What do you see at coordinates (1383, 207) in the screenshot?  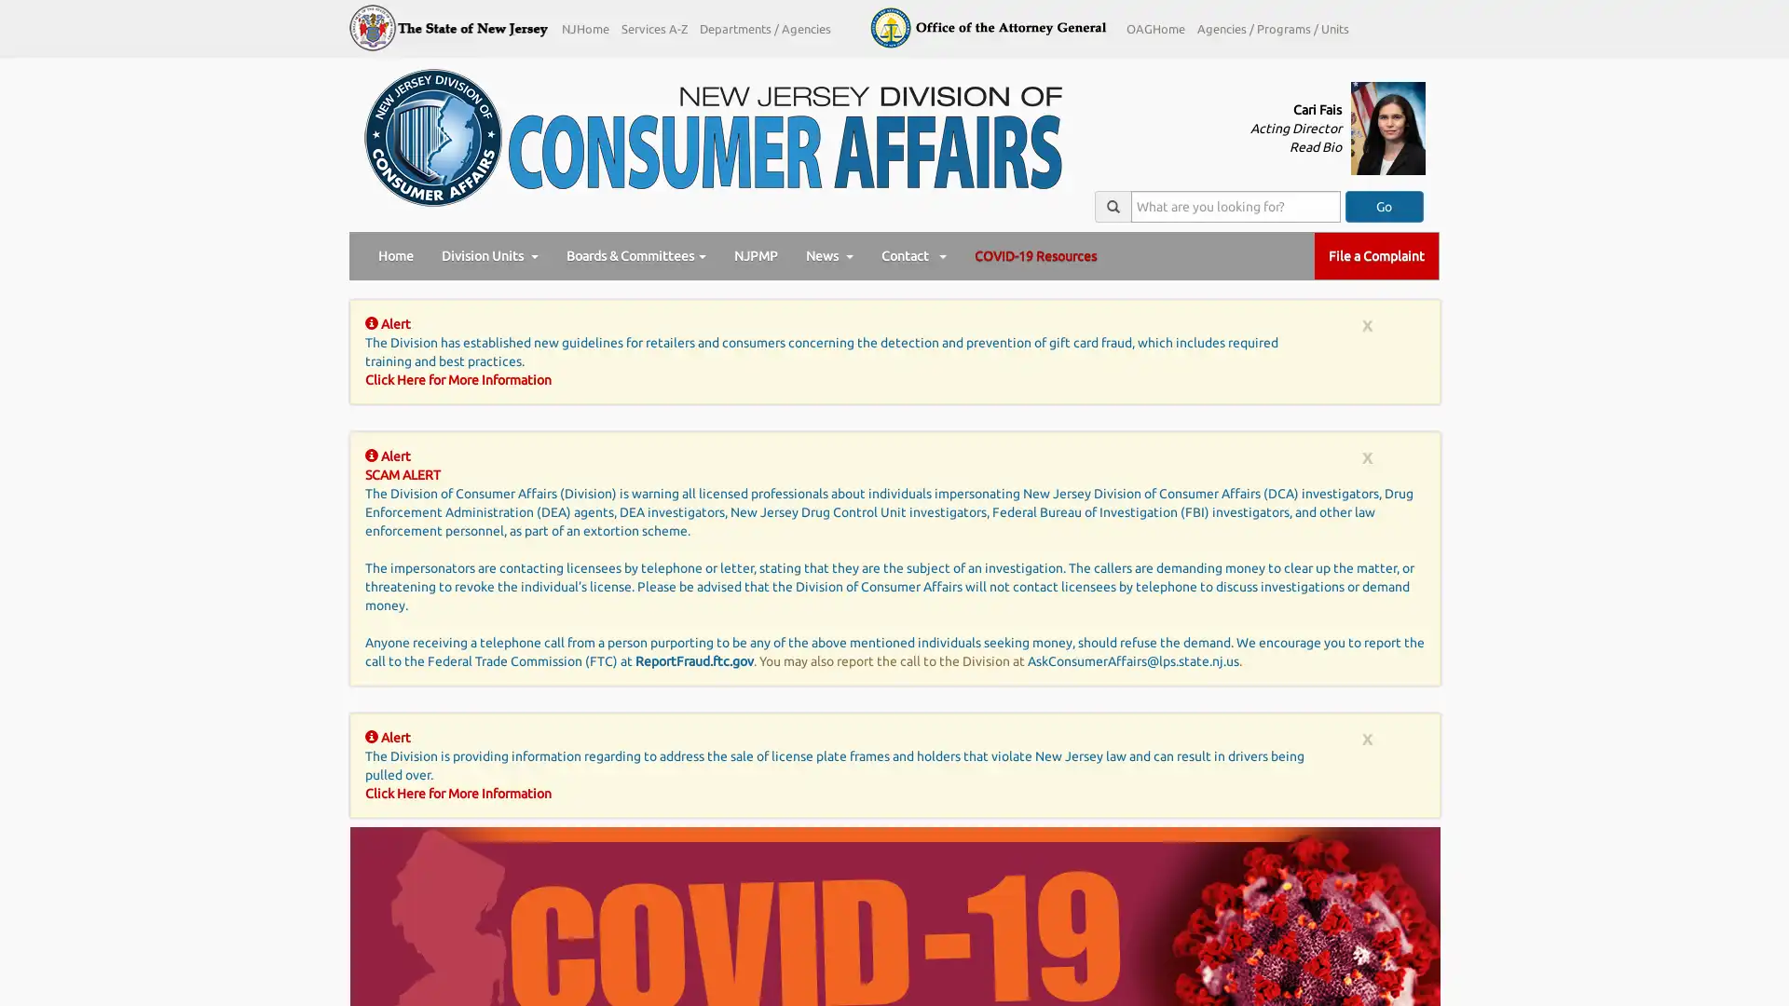 I see `Go` at bounding box center [1383, 207].